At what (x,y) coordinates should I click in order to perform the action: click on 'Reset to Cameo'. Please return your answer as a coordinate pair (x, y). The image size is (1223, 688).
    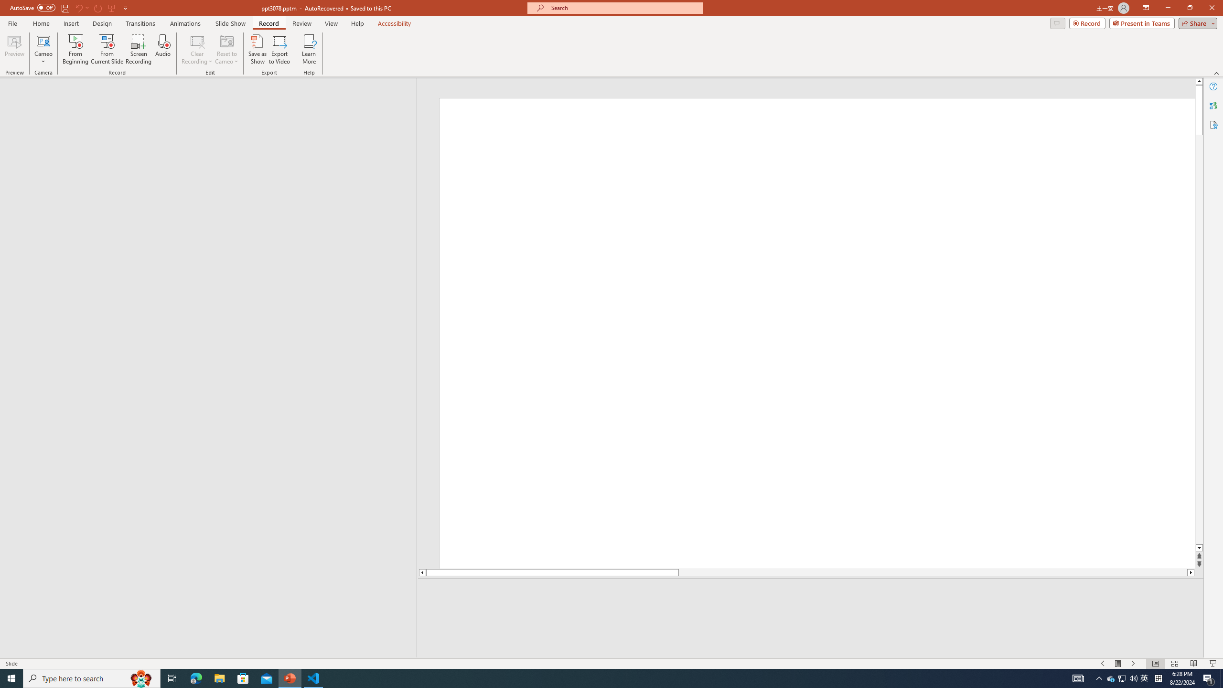
    Looking at the image, I should click on (226, 49).